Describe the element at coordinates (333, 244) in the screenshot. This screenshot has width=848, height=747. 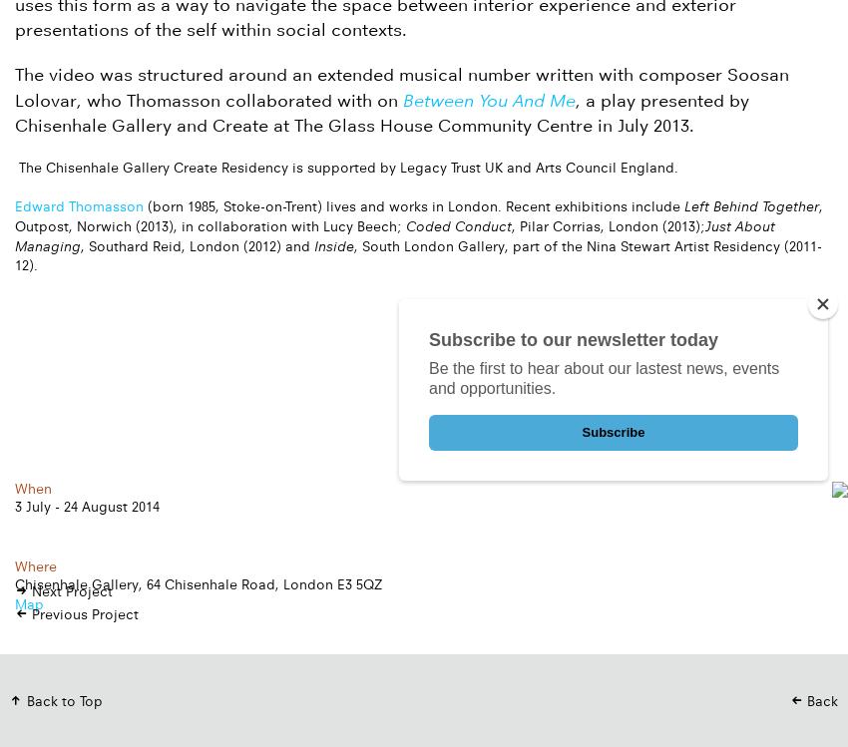
I see `'Inside'` at that location.